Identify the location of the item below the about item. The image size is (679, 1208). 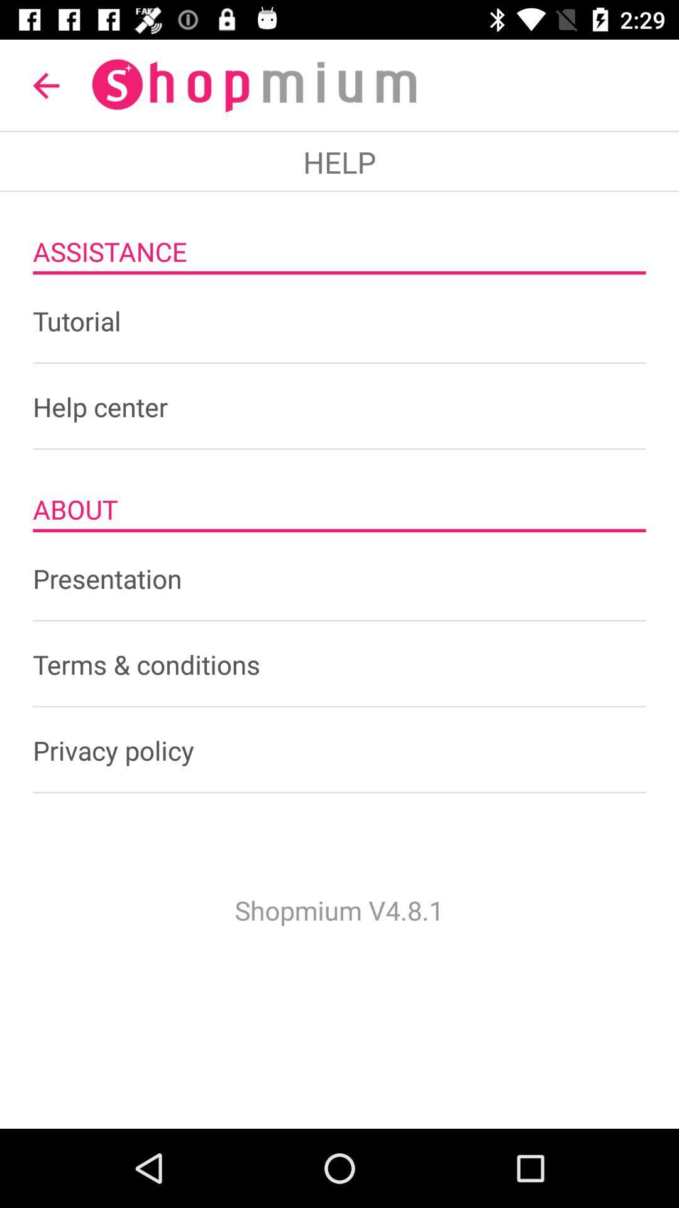
(339, 578).